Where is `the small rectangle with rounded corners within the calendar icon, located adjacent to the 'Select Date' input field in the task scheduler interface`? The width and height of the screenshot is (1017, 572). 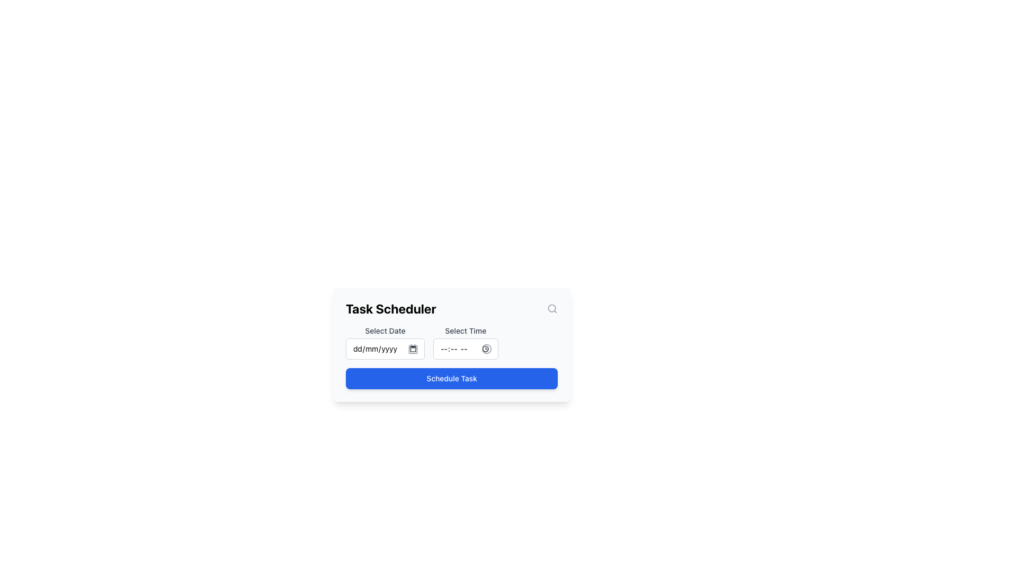 the small rectangle with rounded corners within the calendar icon, located adjacent to the 'Select Date' input field in the task scheduler interface is located at coordinates (412, 349).